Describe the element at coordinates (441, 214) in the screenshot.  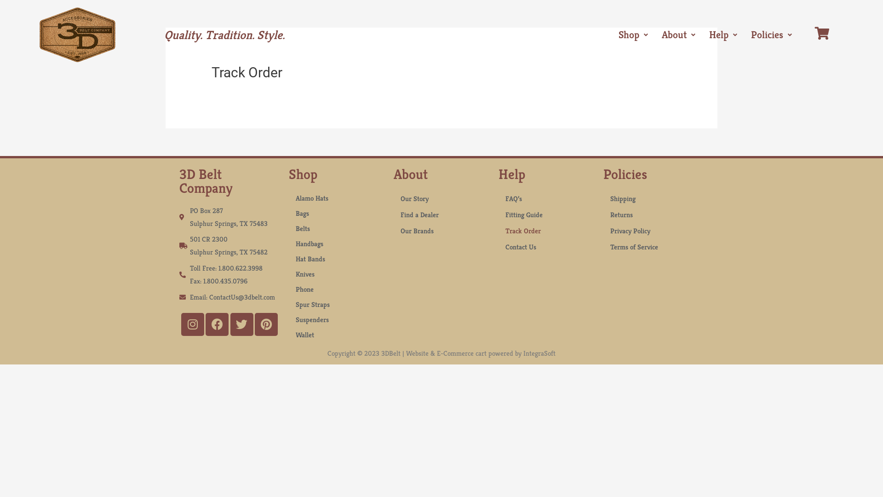
I see `'Find a Dealer'` at that location.